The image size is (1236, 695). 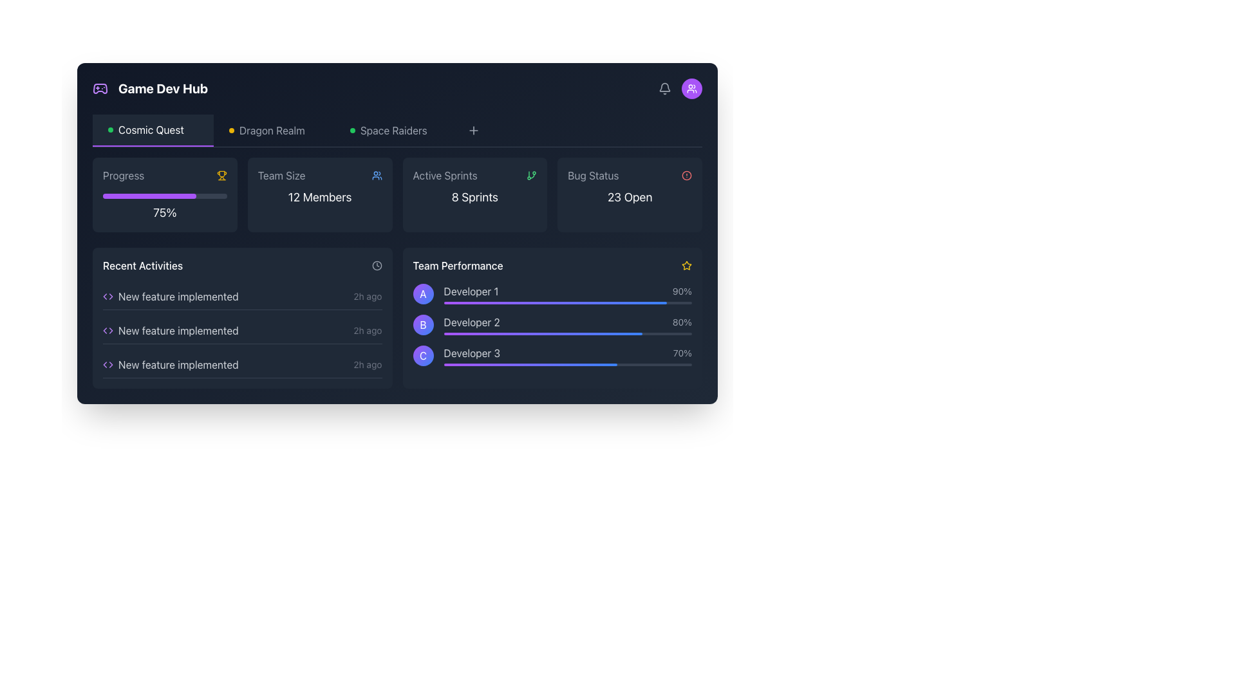 I want to click on the text label displaying the number of open bugs (23) in the 'Bug Status' section at the top-right corner of the main content area, so click(x=630, y=197).